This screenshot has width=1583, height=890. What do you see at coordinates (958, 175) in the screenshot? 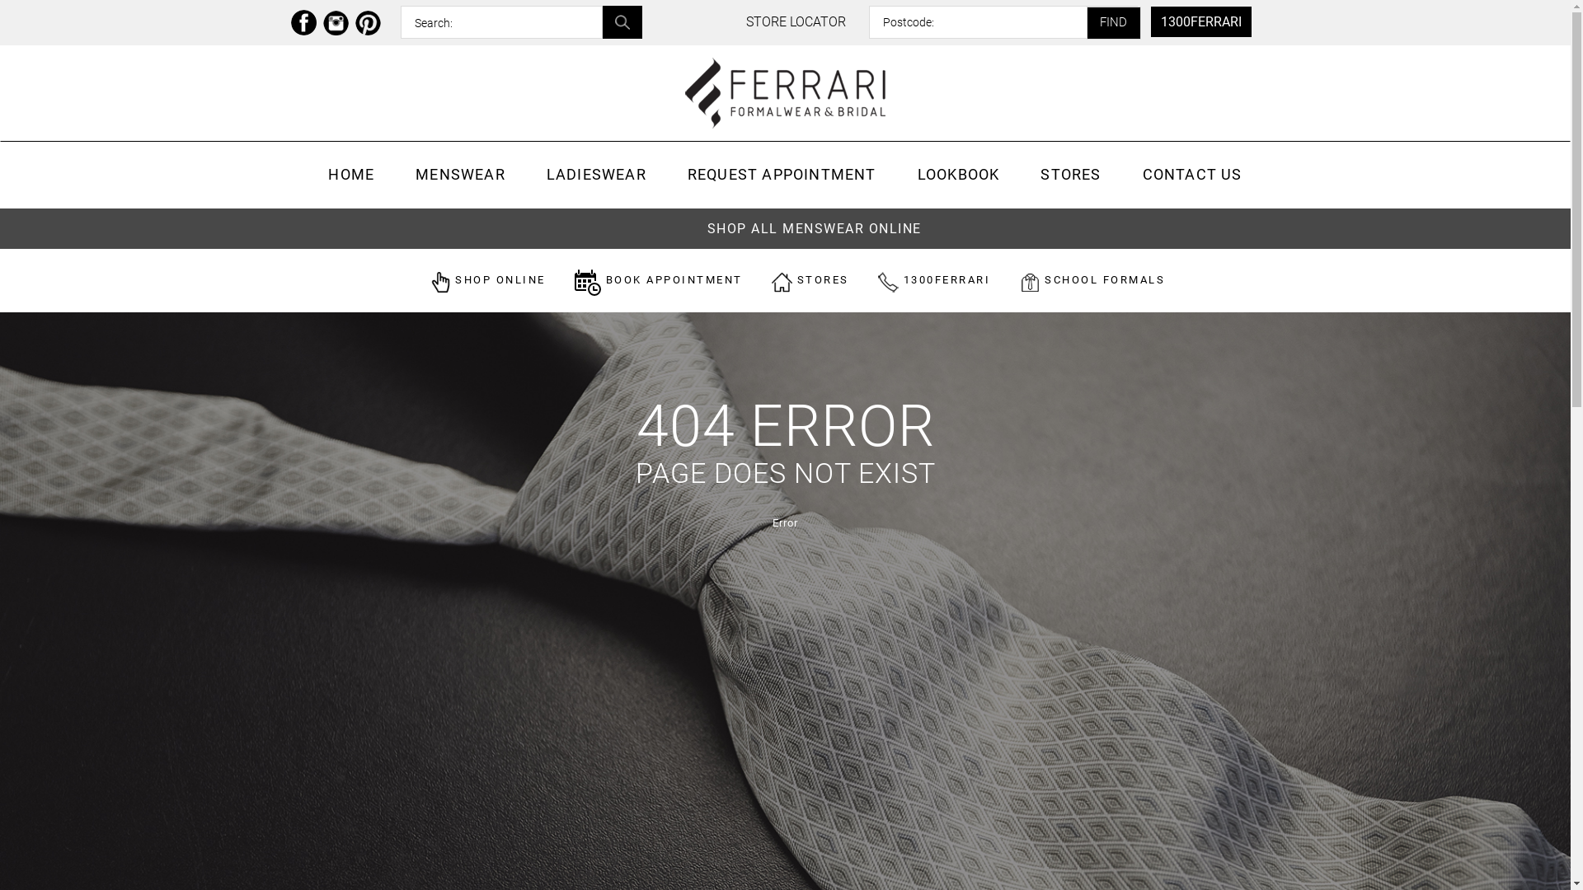
I see `'LOOKBOOK'` at bounding box center [958, 175].